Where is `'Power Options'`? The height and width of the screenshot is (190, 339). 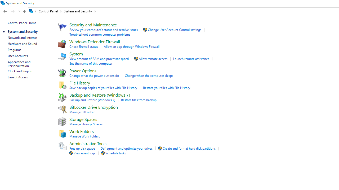
'Power Options' is located at coordinates (82, 70).